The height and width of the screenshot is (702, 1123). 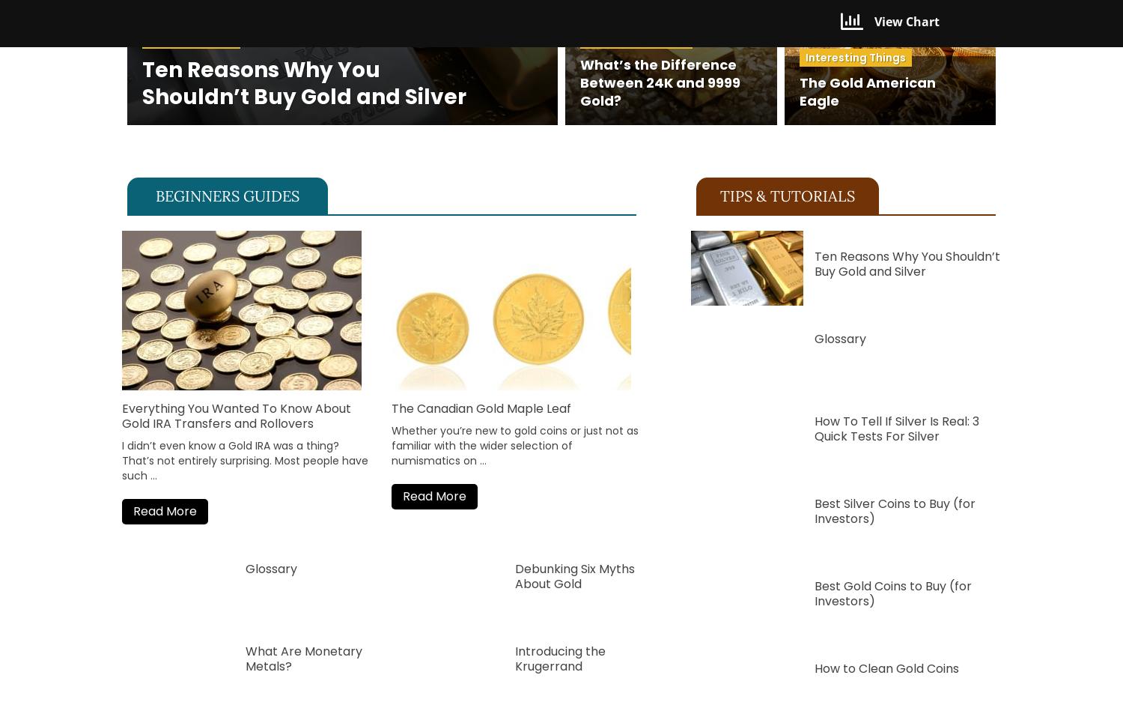 What do you see at coordinates (892, 593) in the screenshot?
I see `'Best Gold Coins to Buy (for Investors)'` at bounding box center [892, 593].